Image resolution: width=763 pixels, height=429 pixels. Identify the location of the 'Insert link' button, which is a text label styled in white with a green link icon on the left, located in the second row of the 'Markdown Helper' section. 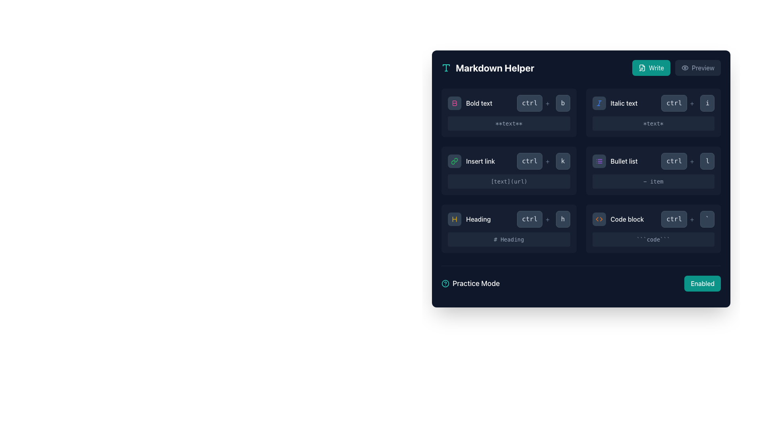
(471, 161).